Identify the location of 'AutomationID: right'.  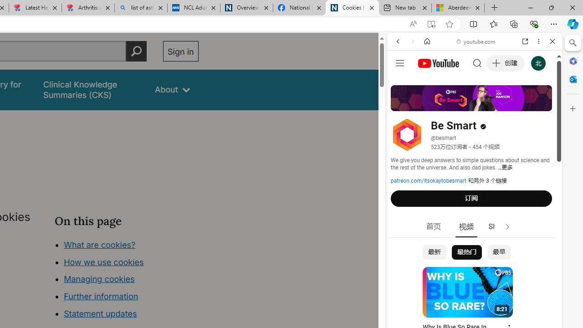
(507, 226).